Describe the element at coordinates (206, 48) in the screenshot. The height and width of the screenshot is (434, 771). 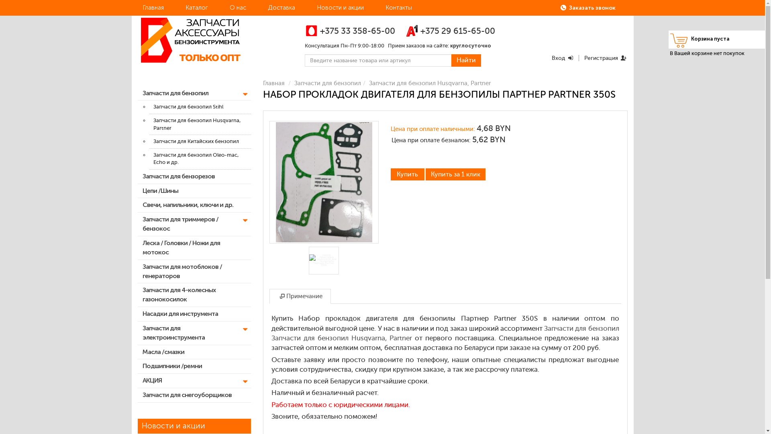
I see `'http://benzopart.by'` at that location.